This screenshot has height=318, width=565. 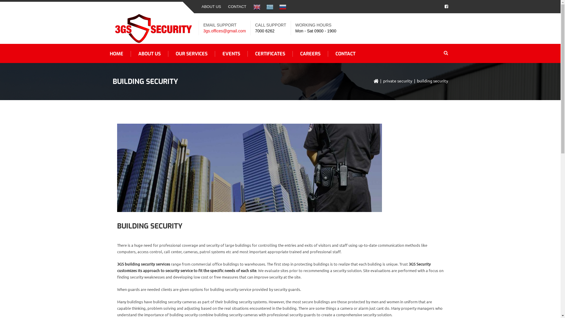 I want to click on 'CAREERS', so click(x=310, y=54).